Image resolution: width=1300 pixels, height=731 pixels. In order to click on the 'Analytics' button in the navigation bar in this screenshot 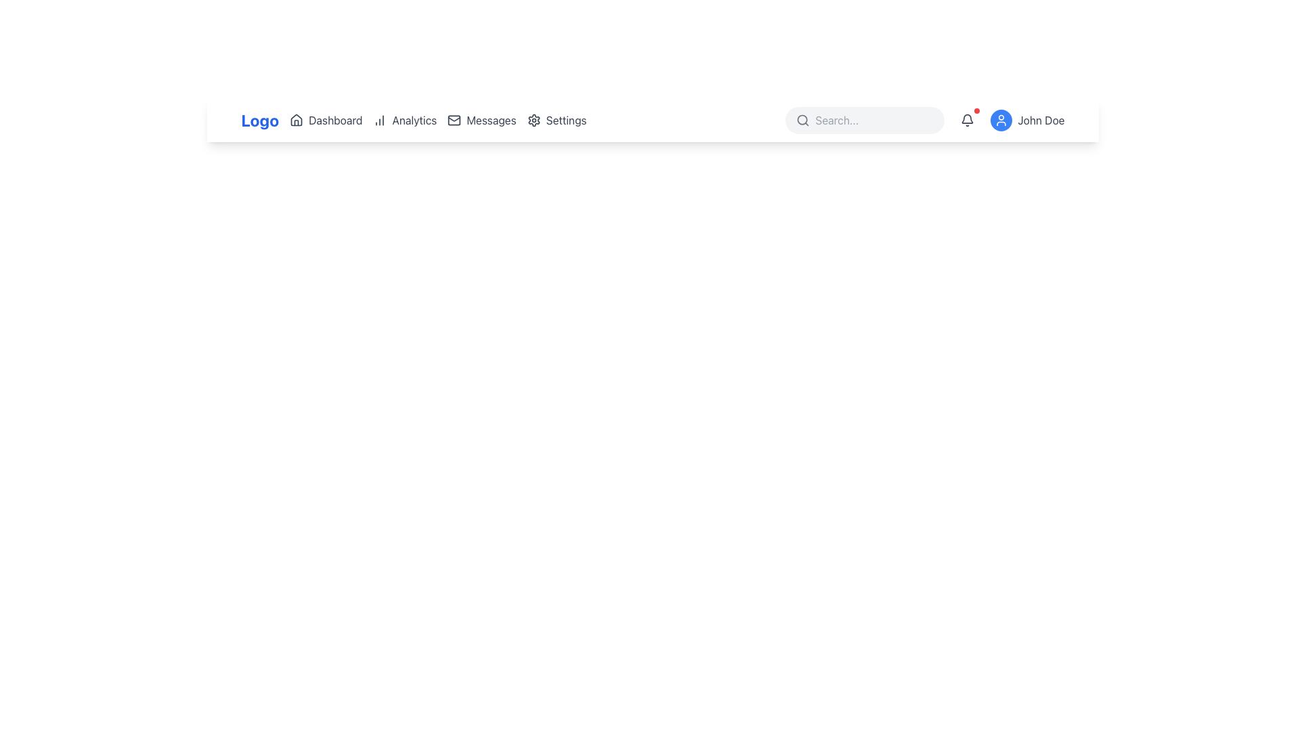, I will do `click(404, 119)`.